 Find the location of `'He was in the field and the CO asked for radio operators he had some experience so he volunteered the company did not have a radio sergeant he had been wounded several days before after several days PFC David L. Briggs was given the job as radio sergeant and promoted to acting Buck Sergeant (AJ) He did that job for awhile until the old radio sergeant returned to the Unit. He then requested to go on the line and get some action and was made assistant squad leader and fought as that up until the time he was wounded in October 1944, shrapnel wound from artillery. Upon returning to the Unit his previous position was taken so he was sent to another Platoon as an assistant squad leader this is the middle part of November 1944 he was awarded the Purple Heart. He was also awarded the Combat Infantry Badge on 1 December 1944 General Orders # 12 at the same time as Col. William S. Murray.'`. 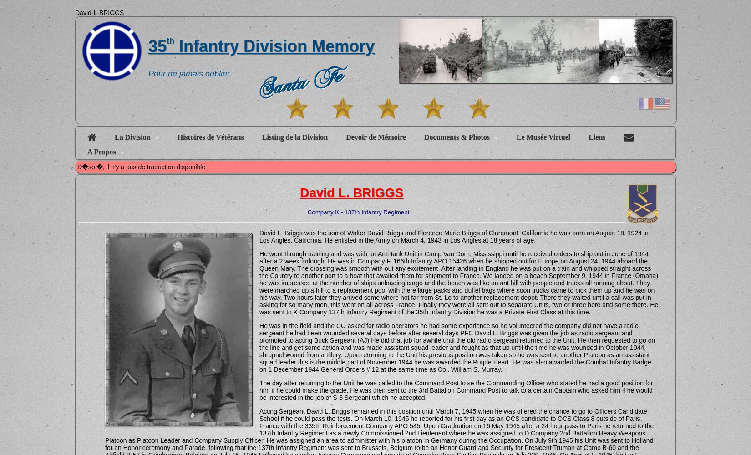

'He was in the field and the CO asked for radio operators he had some experience so he volunteered the company did not have a radio sergeant he had been wounded several days before after several days PFC David L. Briggs was given the job as radio sergeant and promoted to acting Buck Sergeant (AJ) He did that job for awhile until the old radio sergeant returned to the Unit. He then requested to go on the line and get some action and was made assistant squad leader and fought as that up until the time he was wounded in October 1944, shrapnel wound from artillery. Upon returning to the Unit his previous position was taken so he was sent to another Platoon as an assistant squad leader this is the middle part of November 1944 he was awarded the Purple Heart. He was also awarded the Combat Infantry Badge on 1 December 1944 General Orders # 12 at the same time as Col. William S. Murray.' is located at coordinates (259, 347).